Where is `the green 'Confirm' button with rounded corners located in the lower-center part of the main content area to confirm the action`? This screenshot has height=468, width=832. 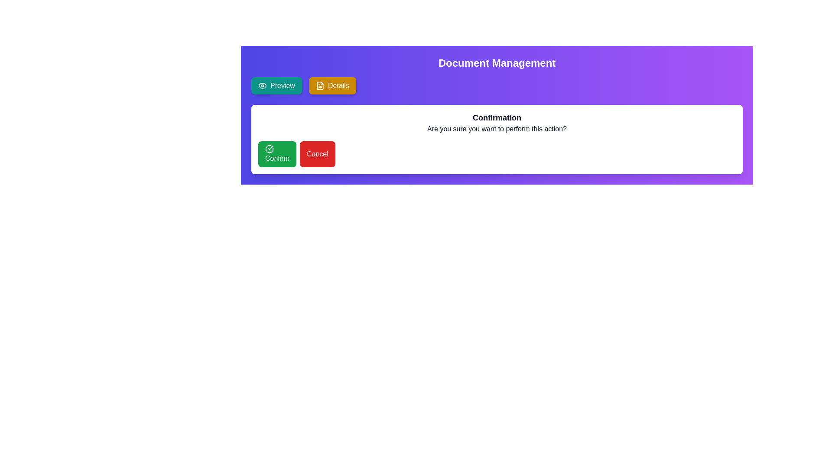
the green 'Confirm' button with rounded corners located in the lower-center part of the main content area to confirm the action is located at coordinates (276, 153).